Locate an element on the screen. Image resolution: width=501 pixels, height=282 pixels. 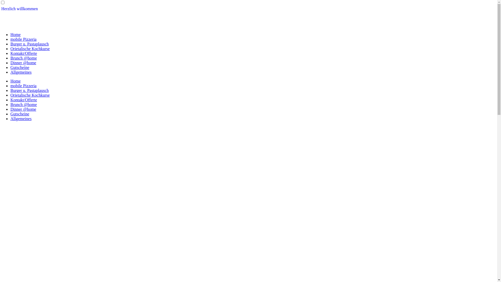
'Home' is located at coordinates (15, 34).